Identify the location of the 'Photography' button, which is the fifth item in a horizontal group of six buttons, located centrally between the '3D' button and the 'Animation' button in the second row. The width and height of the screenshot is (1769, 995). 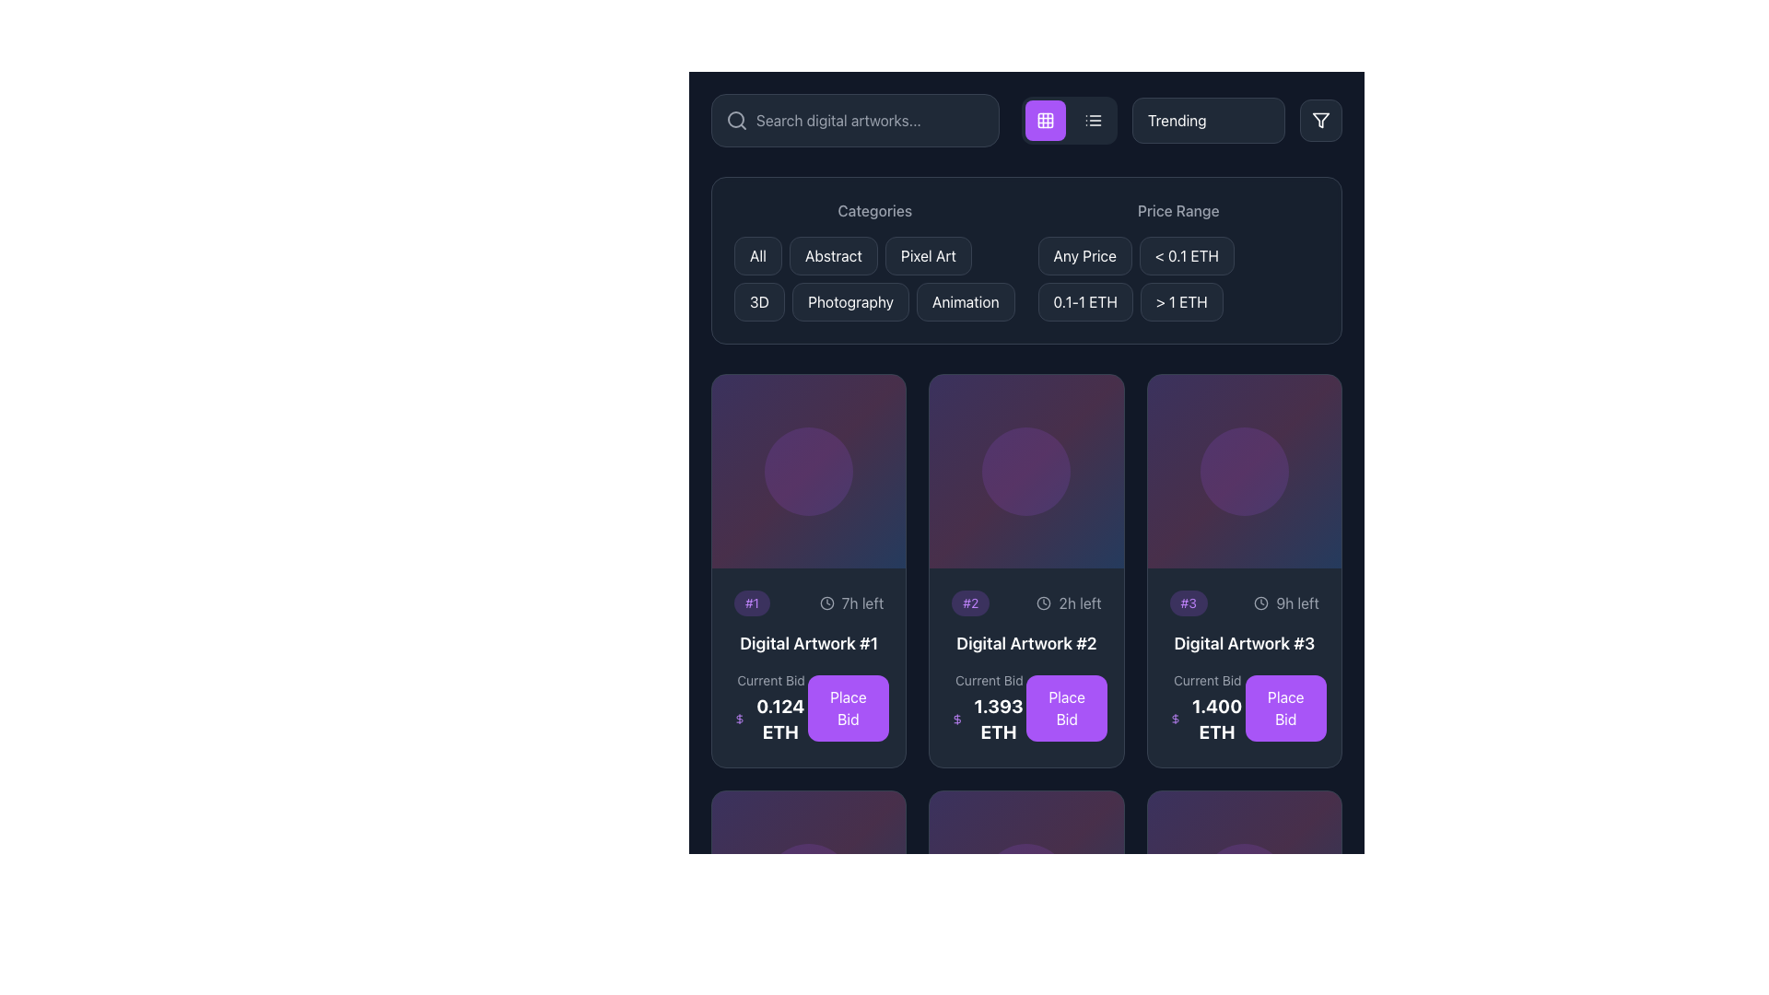
(849, 300).